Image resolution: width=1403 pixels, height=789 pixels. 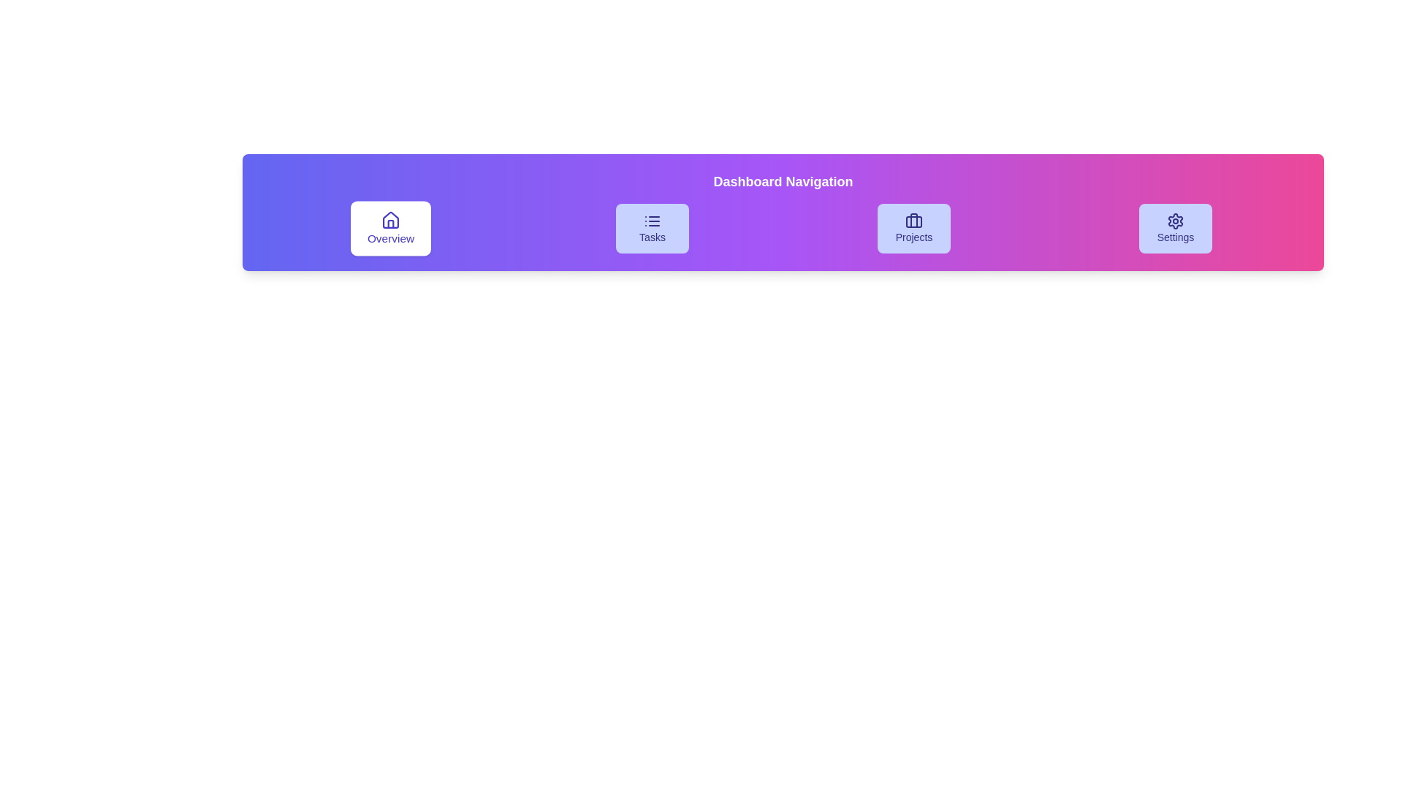 What do you see at coordinates (1175, 228) in the screenshot?
I see `the Settings button to navigate to the corresponding section` at bounding box center [1175, 228].